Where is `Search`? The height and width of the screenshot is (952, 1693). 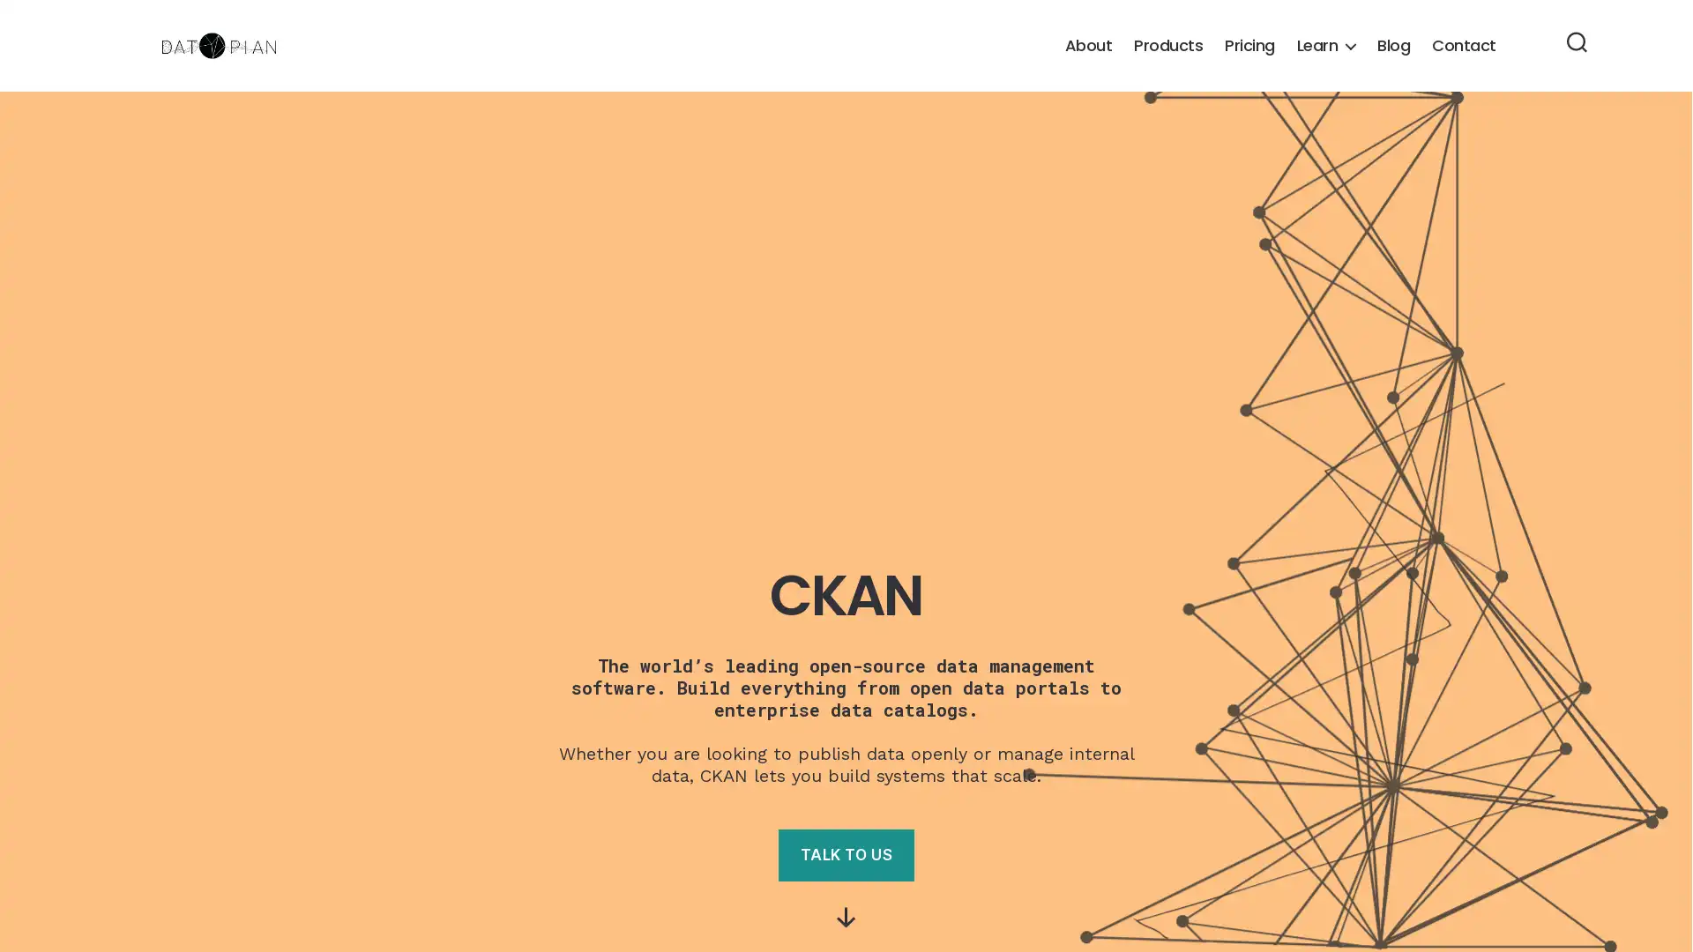
Search is located at coordinates (1577, 43).